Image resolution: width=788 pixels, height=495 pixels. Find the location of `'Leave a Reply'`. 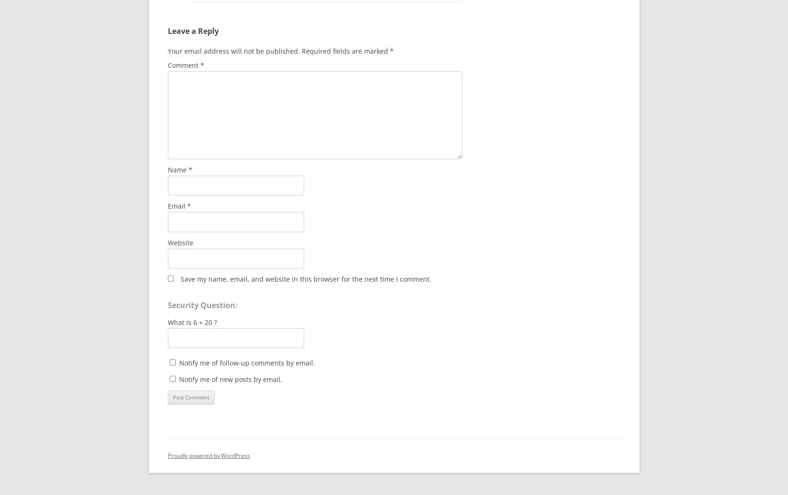

'Leave a Reply' is located at coordinates (193, 31).